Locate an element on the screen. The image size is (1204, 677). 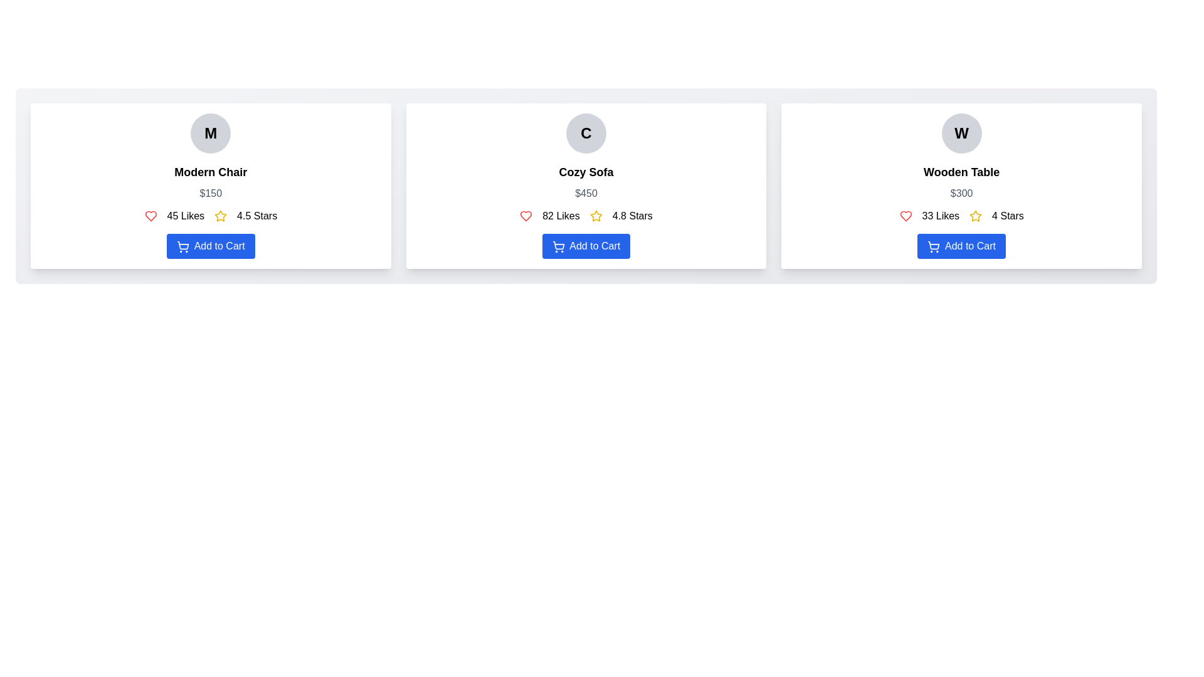
the 'Add to Cart' button with a bright blue background and white text located at the bottom center of the product card for the 'Modern Chair' is located at coordinates (211, 246).